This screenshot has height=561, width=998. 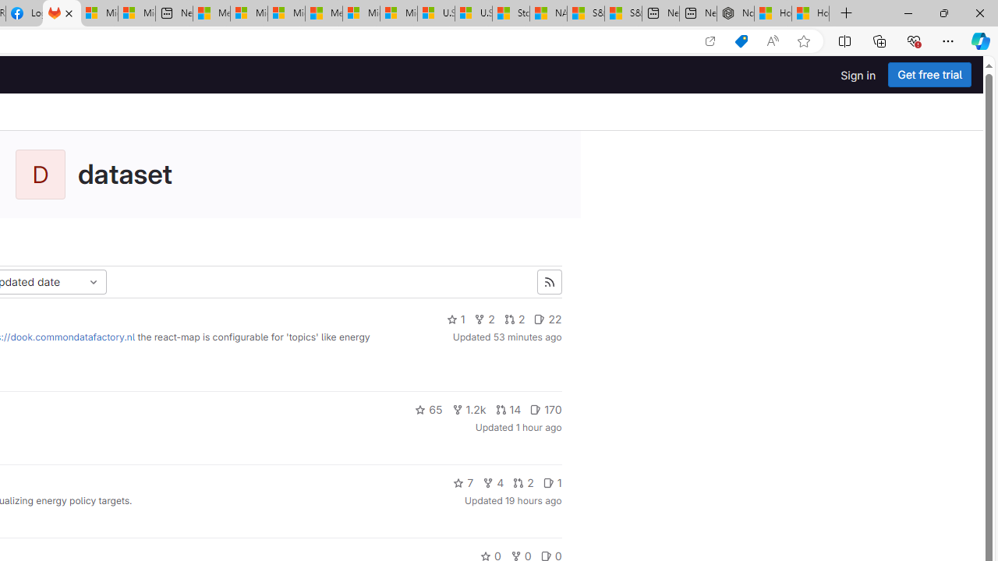 What do you see at coordinates (929, 75) in the screenshot?
I see `'Get free trial'` at bounding box center [929, 75].